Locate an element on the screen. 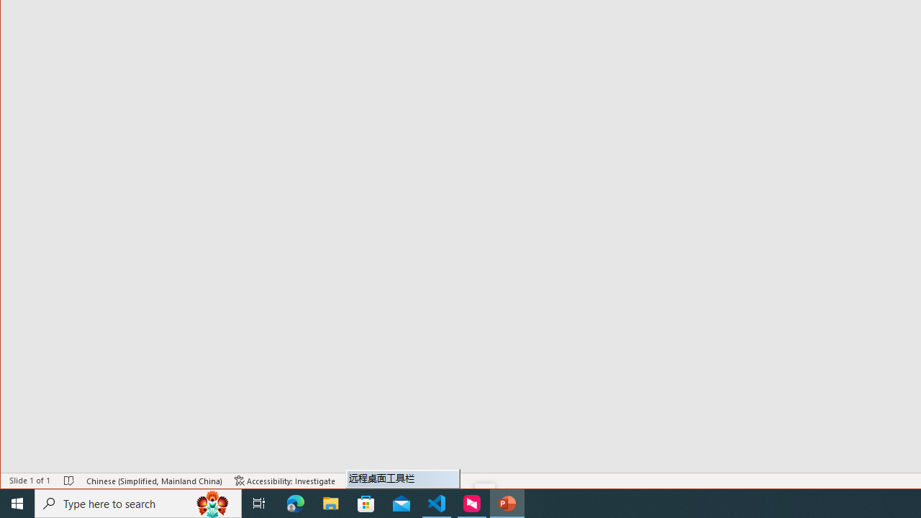 The width and height of the screenshot is (921, 518). 'Spell Check No Errors' is located at coordinates (68, 481).